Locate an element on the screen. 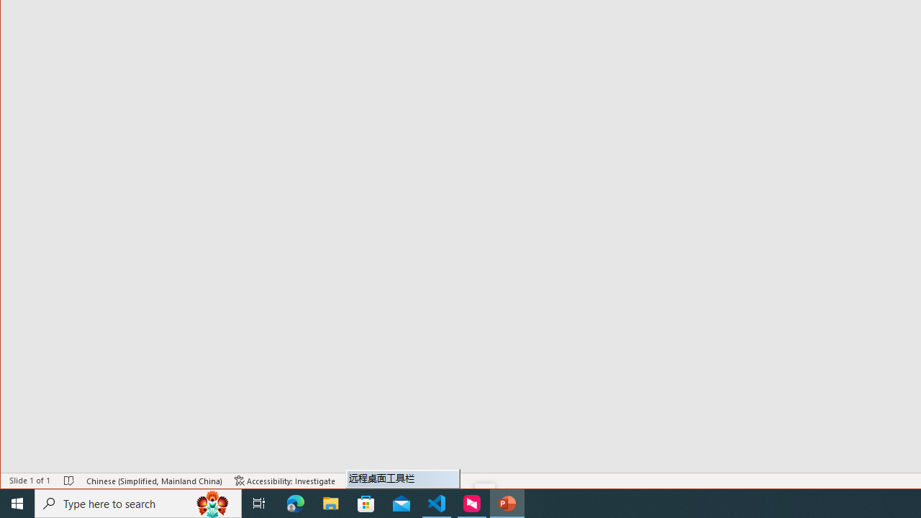 The width and height of the screenshot is (921, 518). 'Spell Check No Errors' is located at coordinates (68, 481).